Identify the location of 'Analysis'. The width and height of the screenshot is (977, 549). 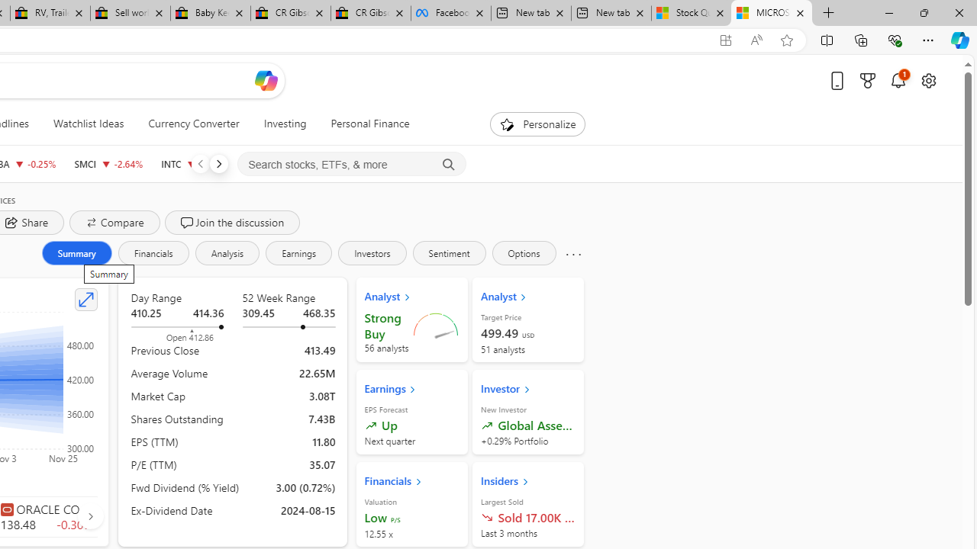
(226, 252).